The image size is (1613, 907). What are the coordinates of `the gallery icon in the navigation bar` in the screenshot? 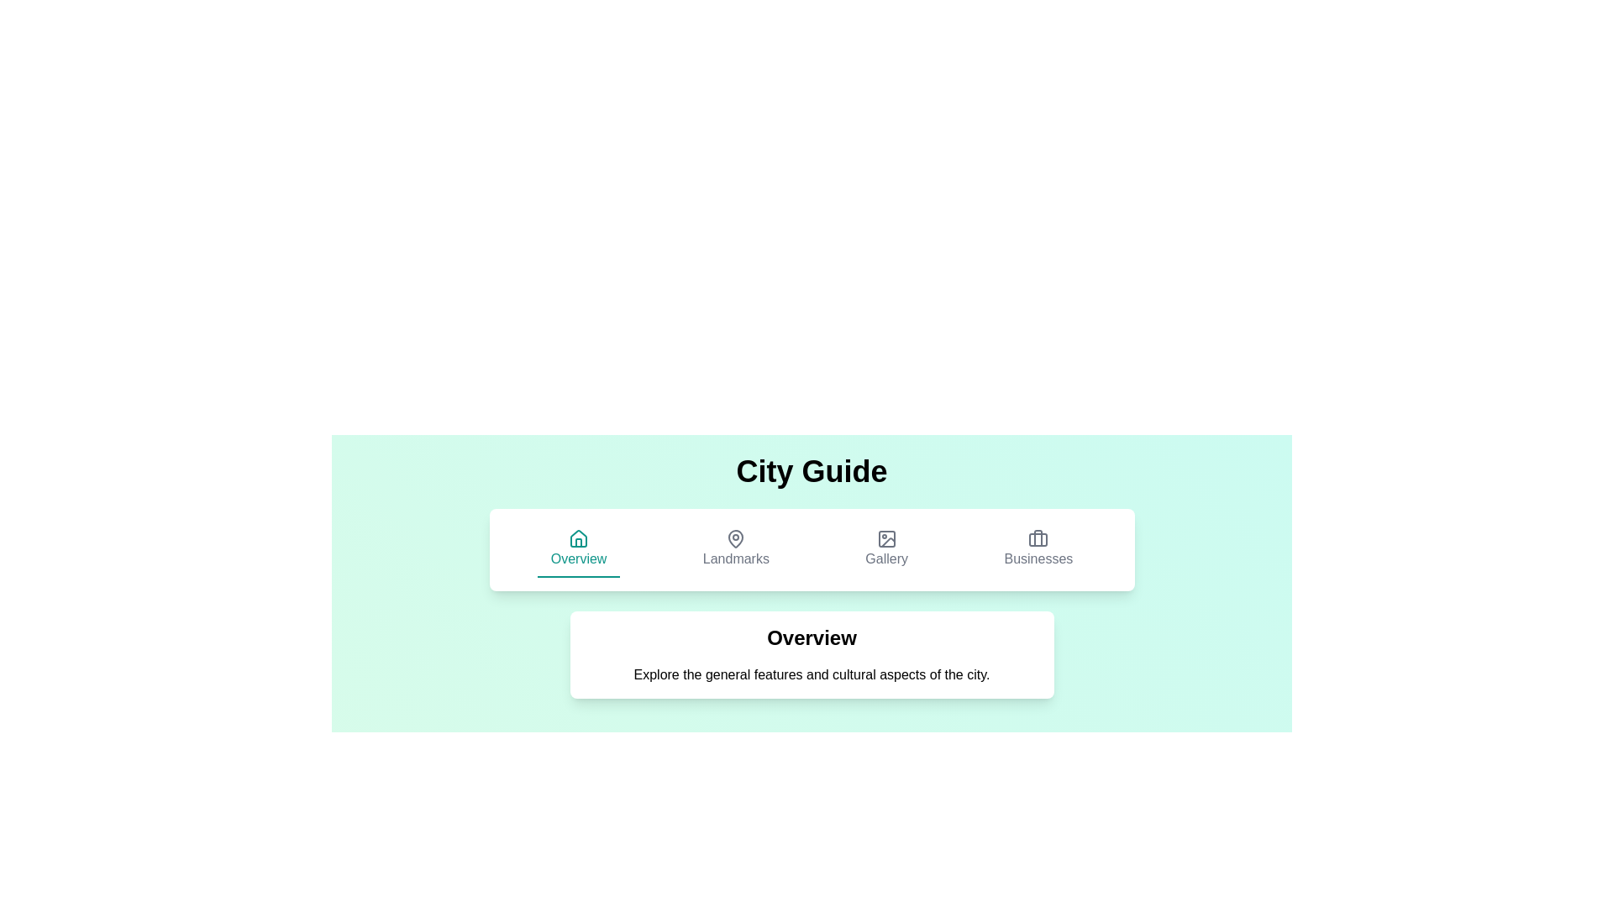 It's located at (885, 538).